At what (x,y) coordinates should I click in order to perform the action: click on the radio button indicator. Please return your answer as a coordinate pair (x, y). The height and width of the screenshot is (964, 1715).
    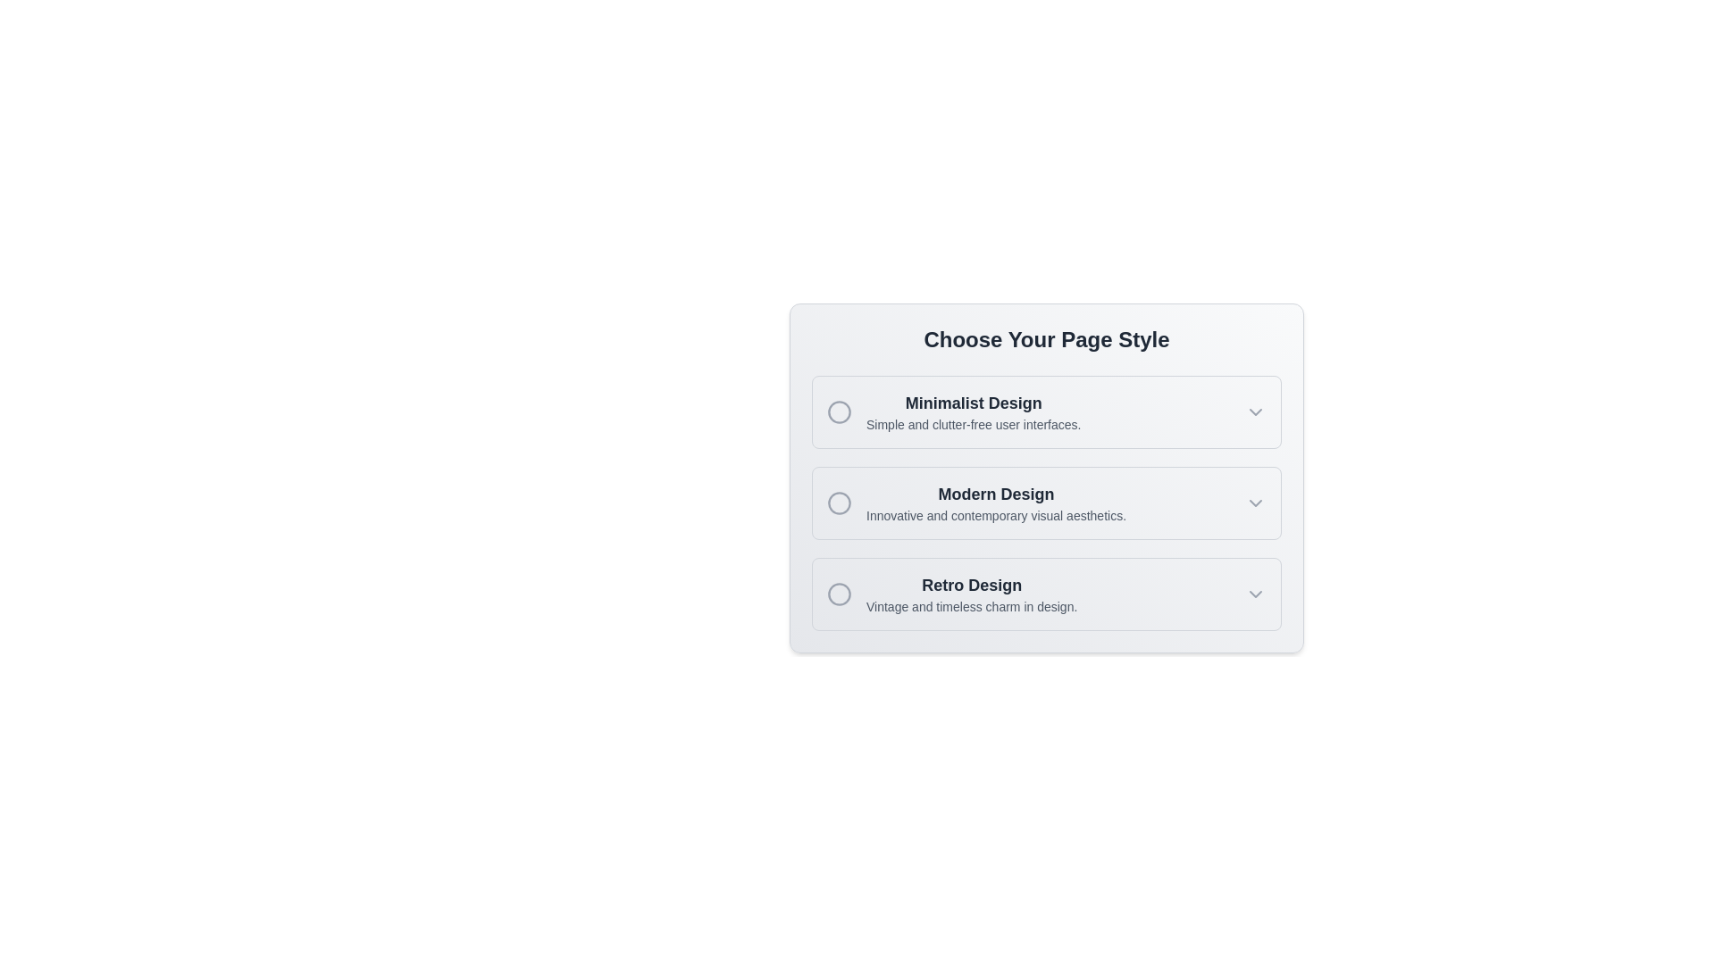
    Looking at the image, I should click on (839, 503).